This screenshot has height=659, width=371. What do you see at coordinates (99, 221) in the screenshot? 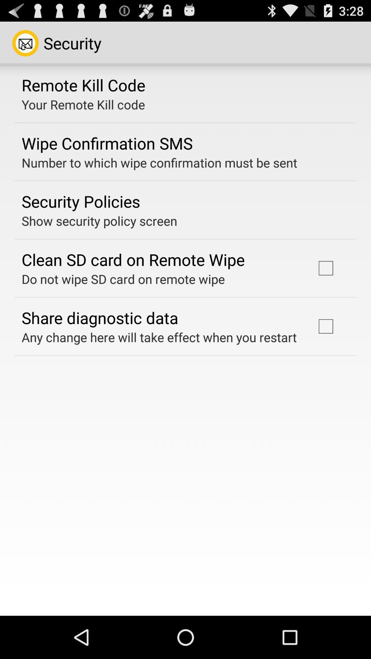
I see `show security policy icon` at bounding box center [99, 221].